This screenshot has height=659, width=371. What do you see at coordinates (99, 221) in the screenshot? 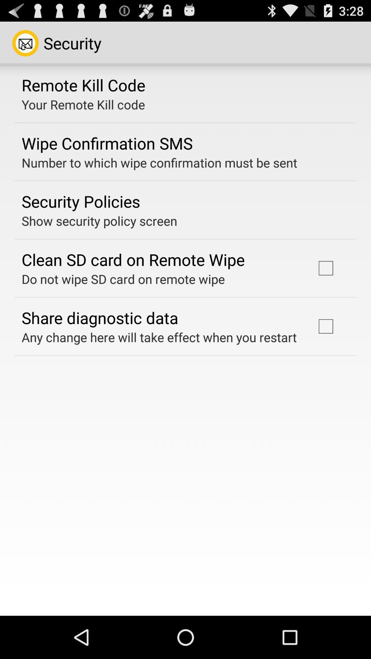
I see `show security policy icon` at bounding box center [99, 221].